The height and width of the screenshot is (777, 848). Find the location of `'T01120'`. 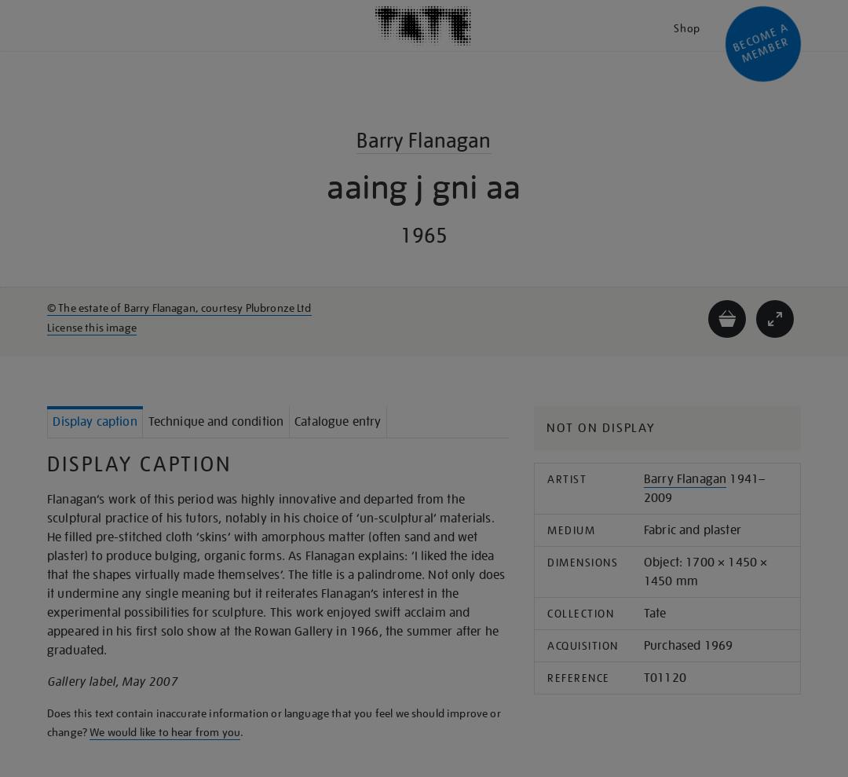

'T01120' is located at coordinates (642, 678).